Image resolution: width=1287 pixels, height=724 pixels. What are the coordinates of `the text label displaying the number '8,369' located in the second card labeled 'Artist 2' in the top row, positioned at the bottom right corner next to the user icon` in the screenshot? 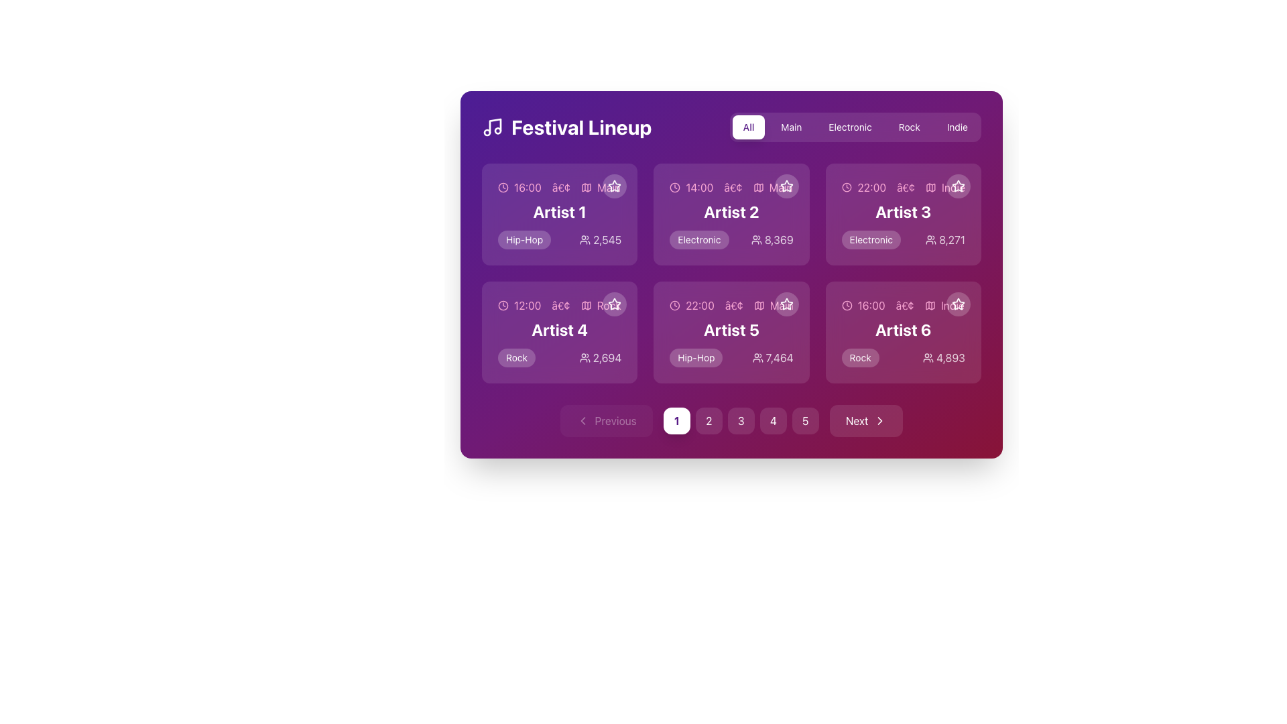 It's located at (772, 239).